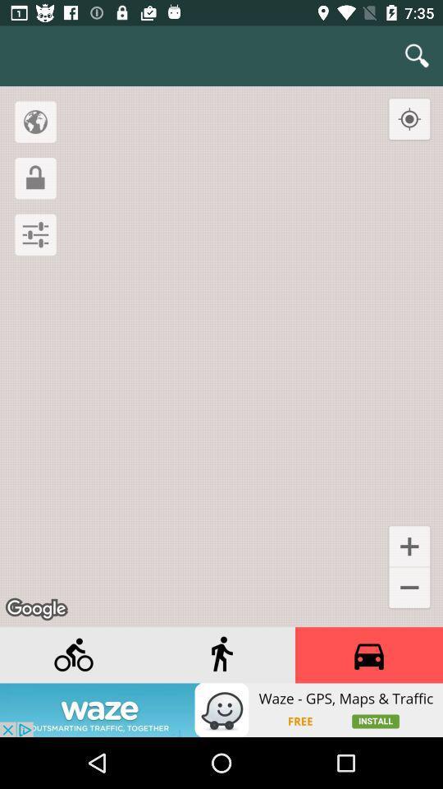 This screenshot has height=789, width=443. Describe the element at coordinates (35, 121) in the screenshot. I see `navigate the earth globe` at that location.